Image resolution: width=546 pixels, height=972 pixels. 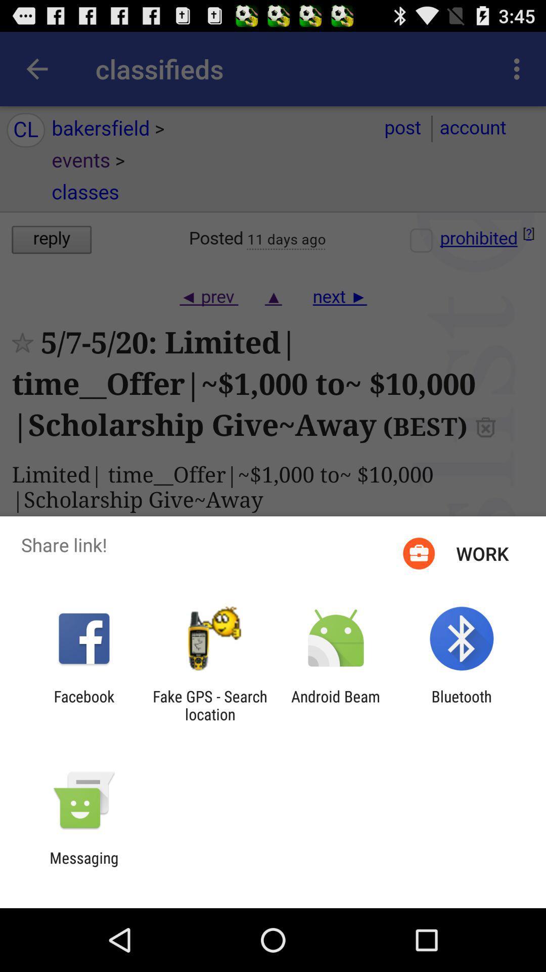 What do you see at coordinates (462, 705) in the screenshot?
I see `the item to the right of android beam` at bounding box center [462, 705].